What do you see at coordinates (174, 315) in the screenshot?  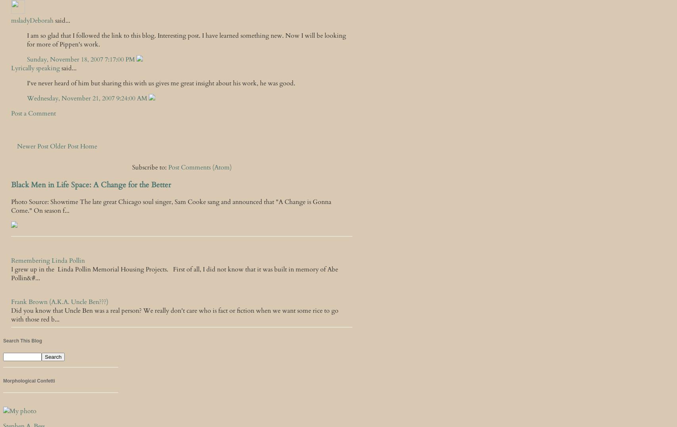 I see `'Did you know that Uncle Ben was a real person? We really don't care who is fact or fiction when we want some rice to go with those red b...'` at bounding box center [174, 315].